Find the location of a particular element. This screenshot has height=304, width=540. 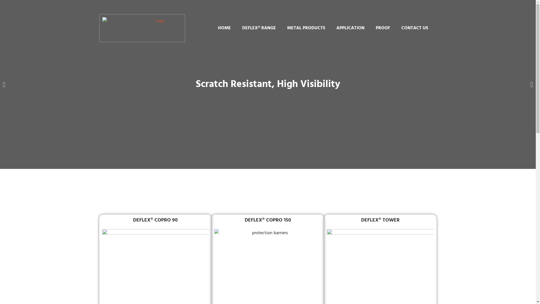

'HOME' is located at coordinates (212, 28).